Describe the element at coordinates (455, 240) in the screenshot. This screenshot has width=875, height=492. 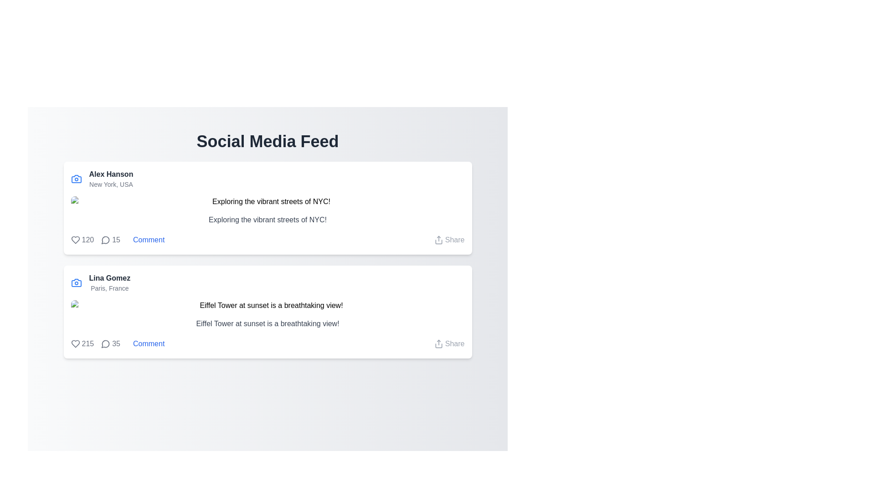
I see `'Share' text label located below the post, which indicates the action of sharing the associated post on the platform` at that location.